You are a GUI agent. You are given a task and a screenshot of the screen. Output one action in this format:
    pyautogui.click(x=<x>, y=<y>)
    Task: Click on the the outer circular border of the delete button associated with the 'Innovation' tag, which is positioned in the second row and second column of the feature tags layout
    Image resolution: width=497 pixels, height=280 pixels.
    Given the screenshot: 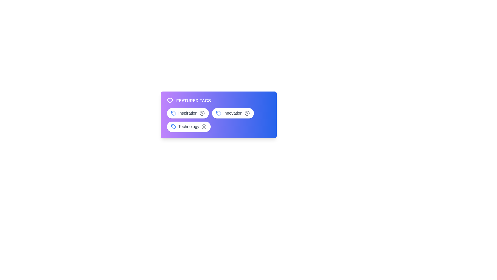 What is the action you would take?
    pyautogui.click(x=247, y=113)
    